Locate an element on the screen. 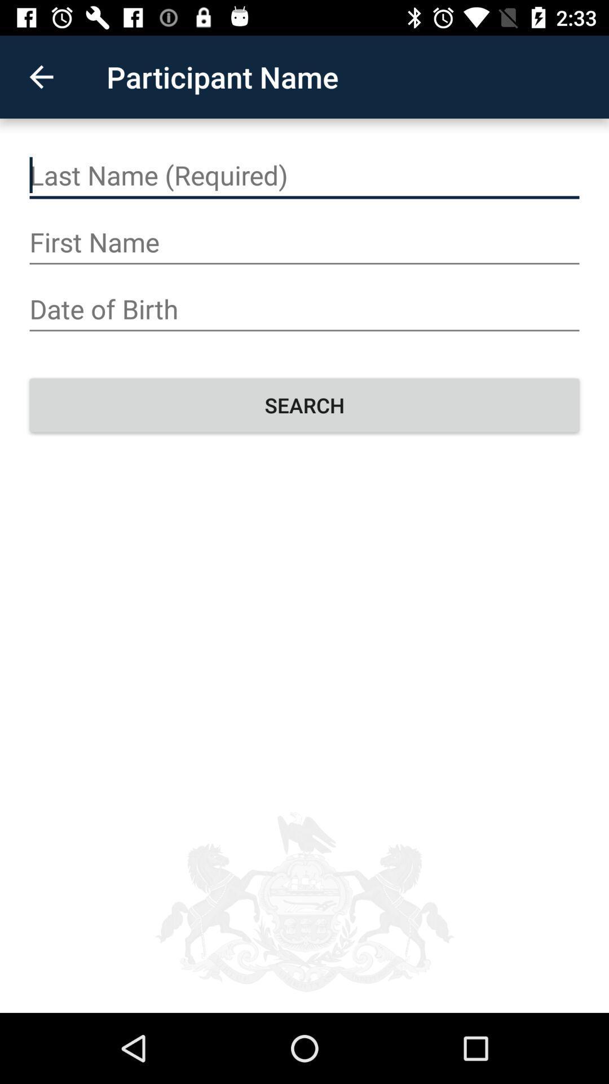  the search icon is located at coordinates (304, 405).